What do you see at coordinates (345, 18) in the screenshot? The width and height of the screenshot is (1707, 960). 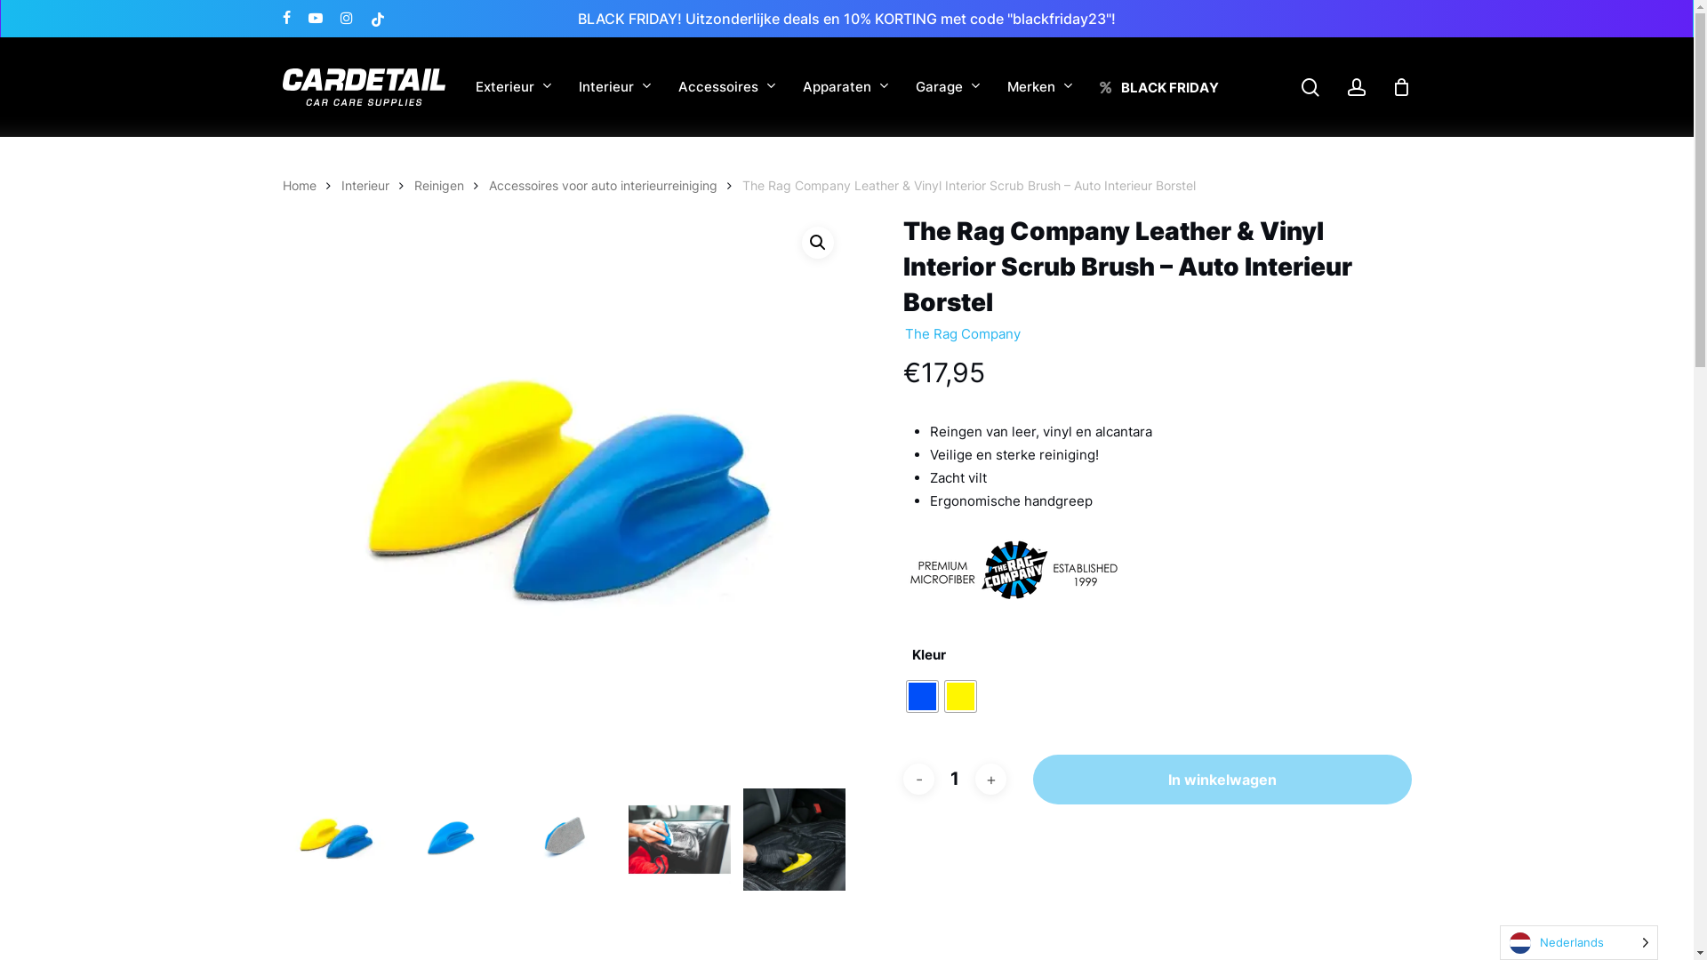 I see `'instagram'` at bounding box center [345, 18].